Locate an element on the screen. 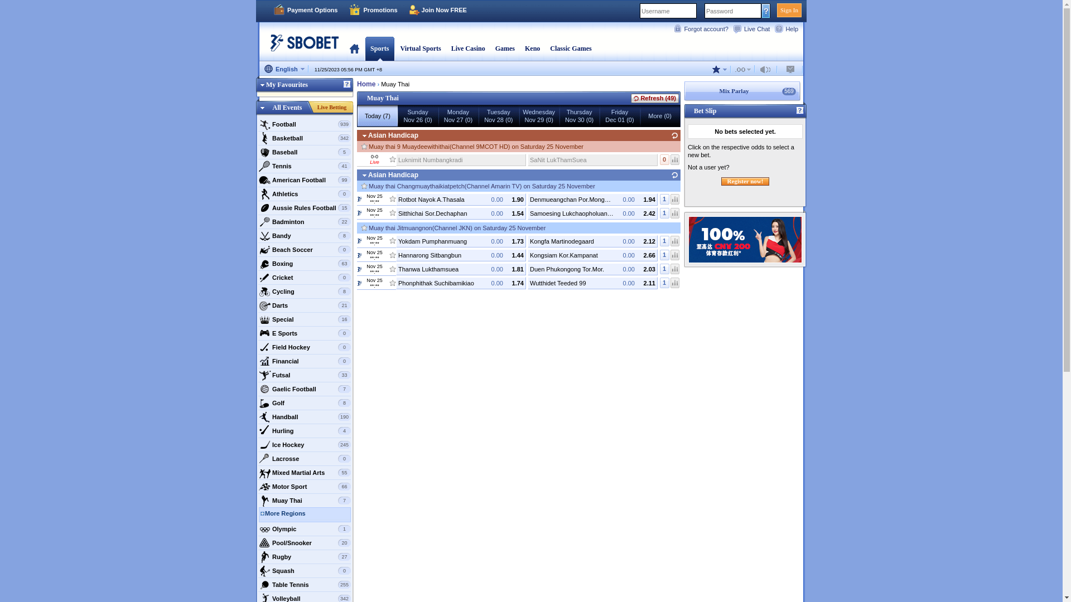  'Wednesday is located at coordinates (538, 116).